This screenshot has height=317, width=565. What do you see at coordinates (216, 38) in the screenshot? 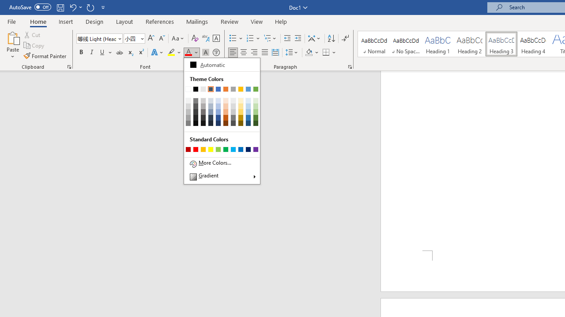
I see `'Character Border'` at bounding box center [216, 38].